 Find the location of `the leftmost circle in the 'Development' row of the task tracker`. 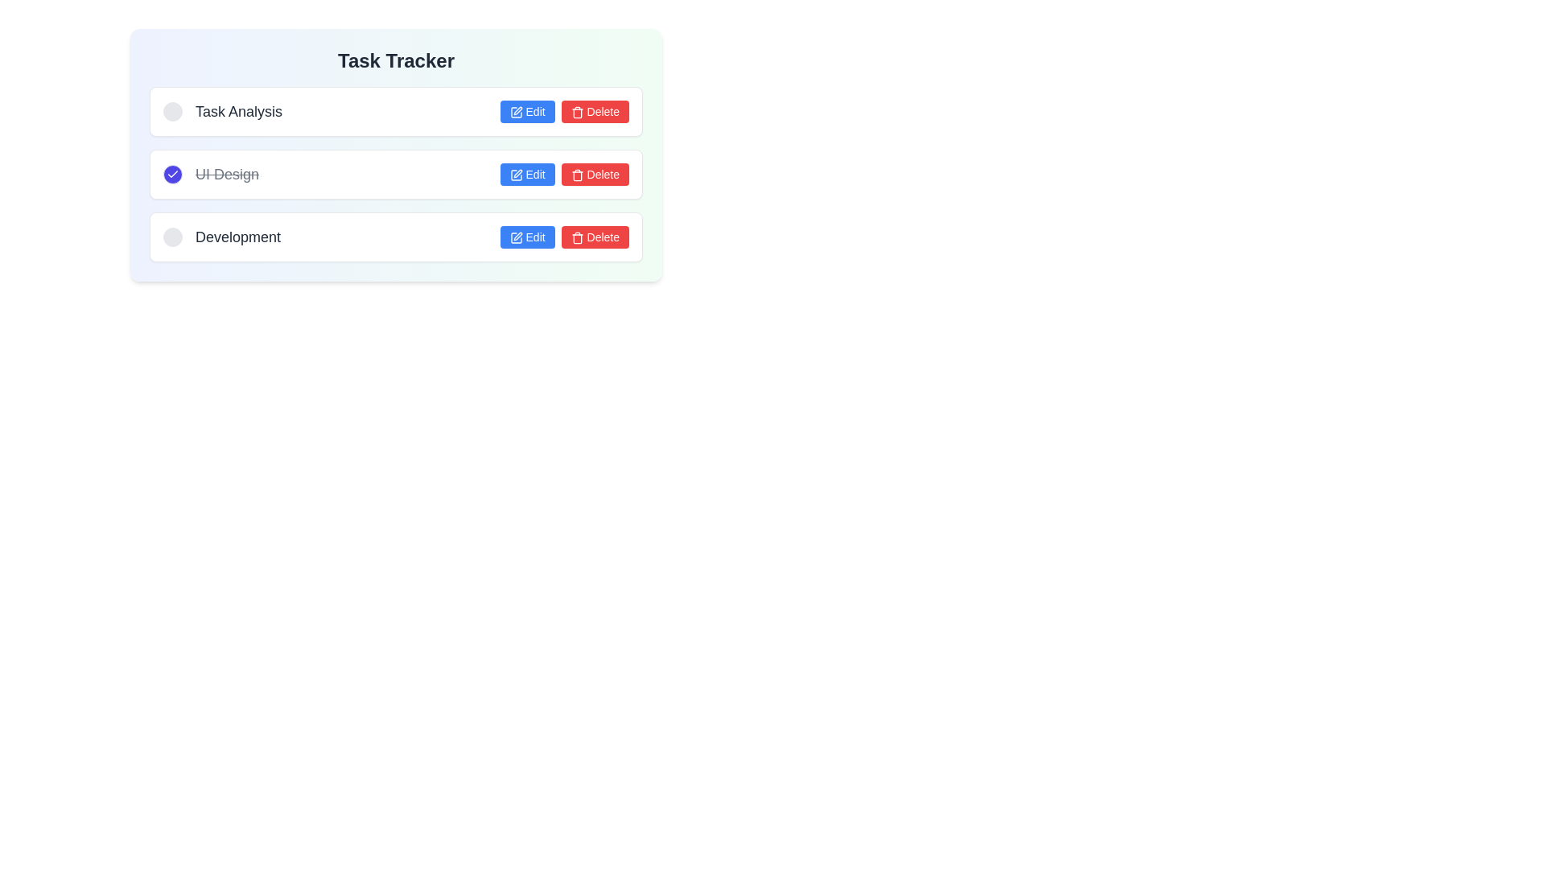

the leftmost circle in the 'Development' row of the task tracker is located at coordinates (173, 237).